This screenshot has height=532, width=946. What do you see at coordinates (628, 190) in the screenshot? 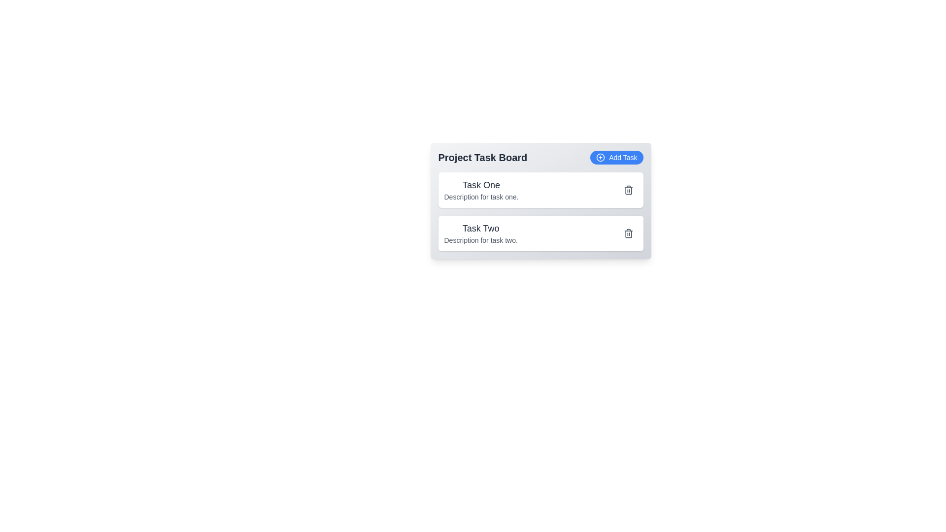
I see `the delete icon button for 'Task One' to indicate interactivity` at bounding box center [628, 190].